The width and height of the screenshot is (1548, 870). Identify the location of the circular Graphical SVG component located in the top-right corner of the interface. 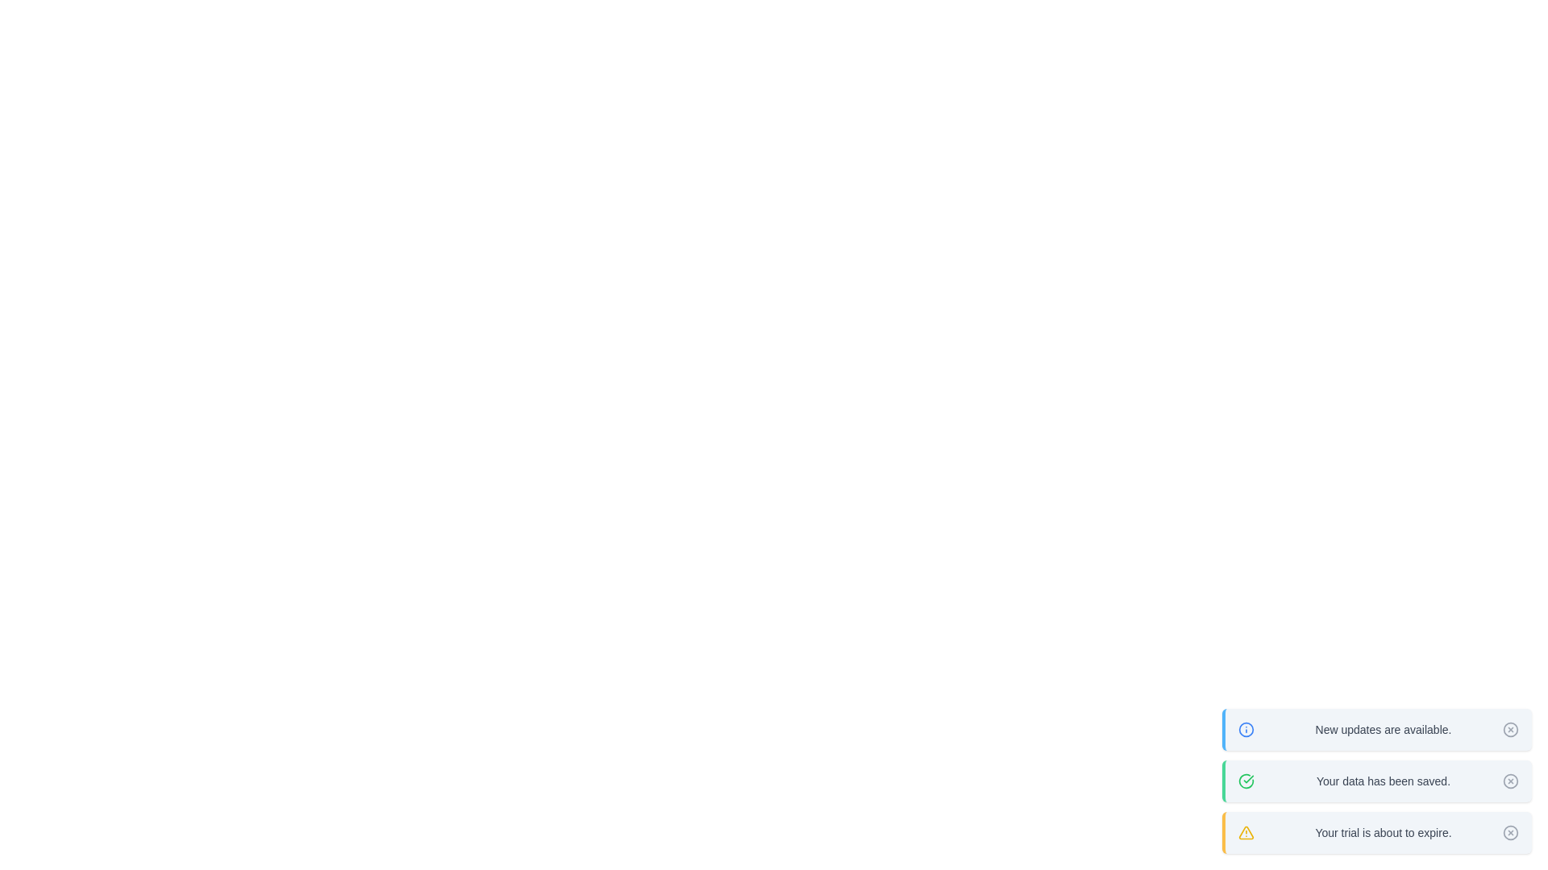
(1509, 730).